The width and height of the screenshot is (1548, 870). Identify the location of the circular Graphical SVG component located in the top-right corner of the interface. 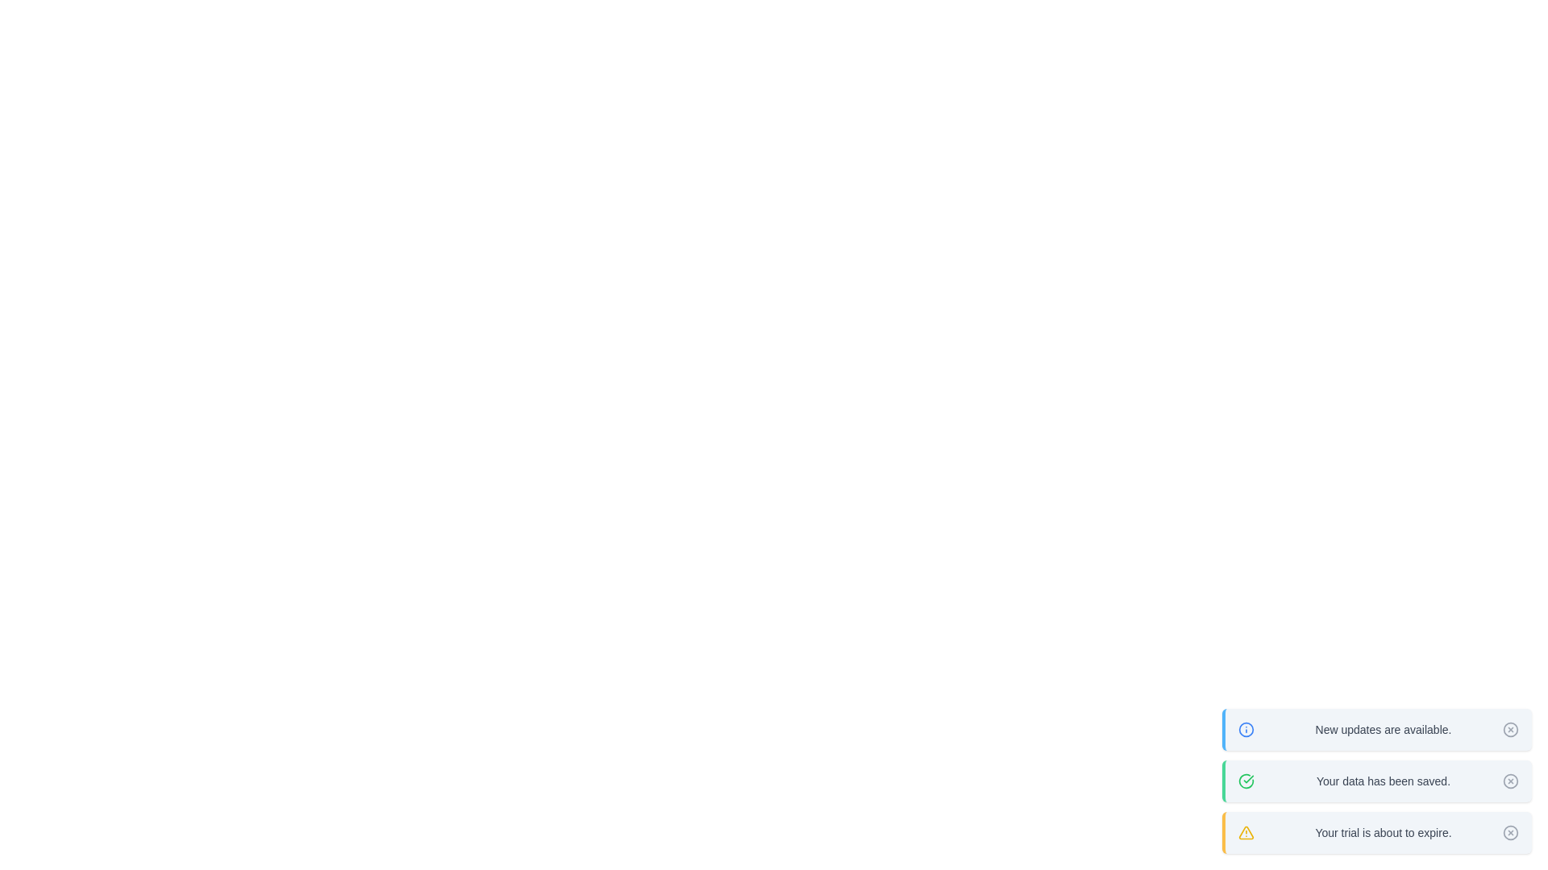
(1509, 730).